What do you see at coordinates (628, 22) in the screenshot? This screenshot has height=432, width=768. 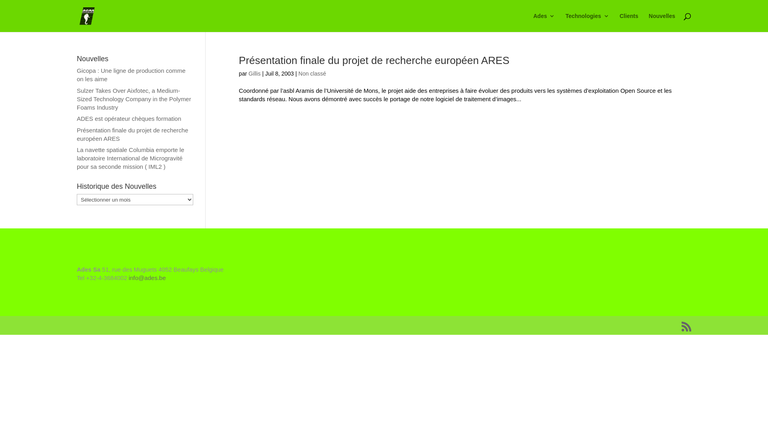 I see `'Clients'` at bounding box center [628, 22].